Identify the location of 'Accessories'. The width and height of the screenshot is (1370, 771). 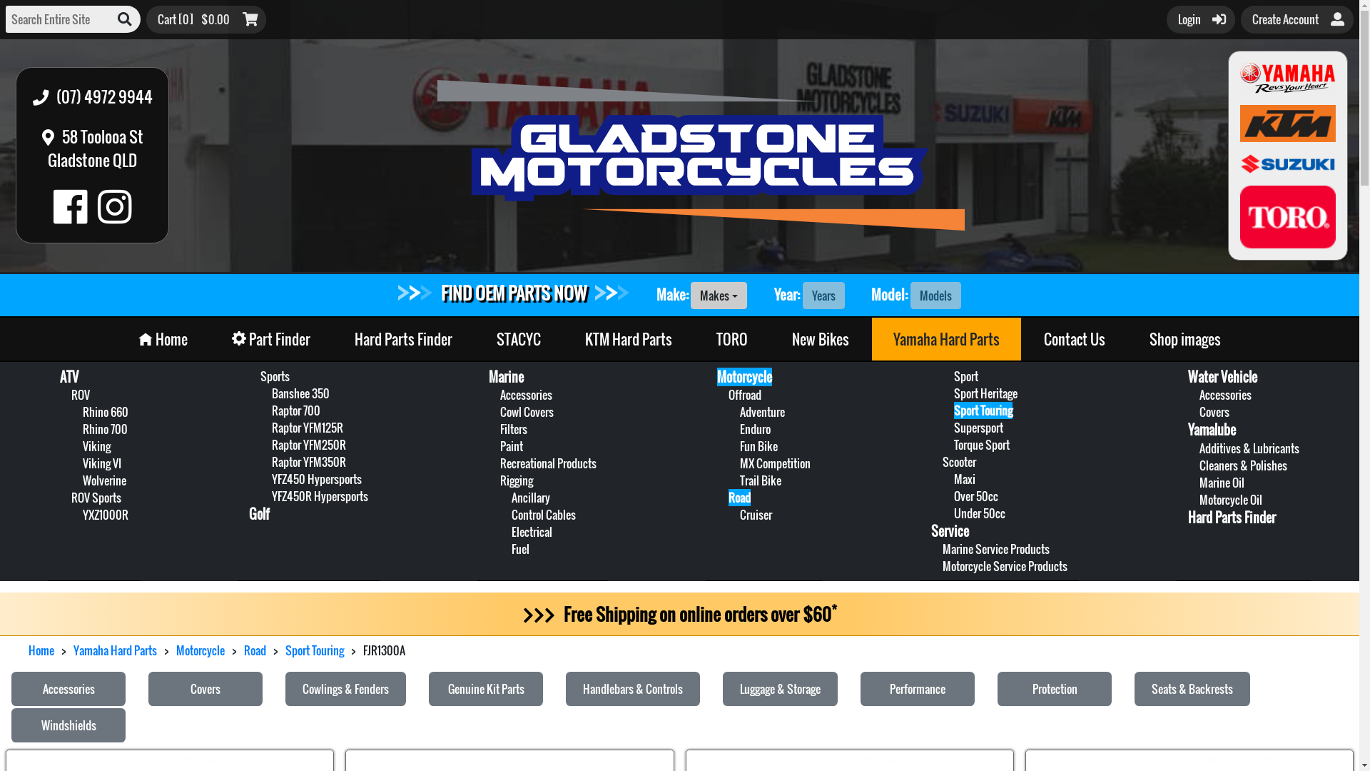
(68, 687).